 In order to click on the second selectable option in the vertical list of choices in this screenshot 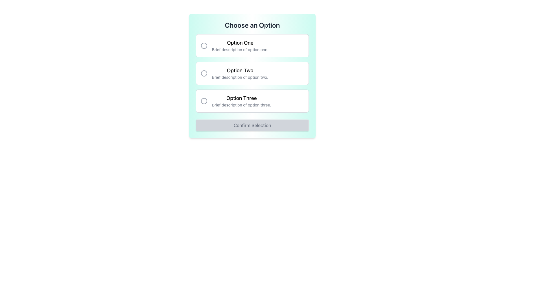, I will do `click(252, 73)`.